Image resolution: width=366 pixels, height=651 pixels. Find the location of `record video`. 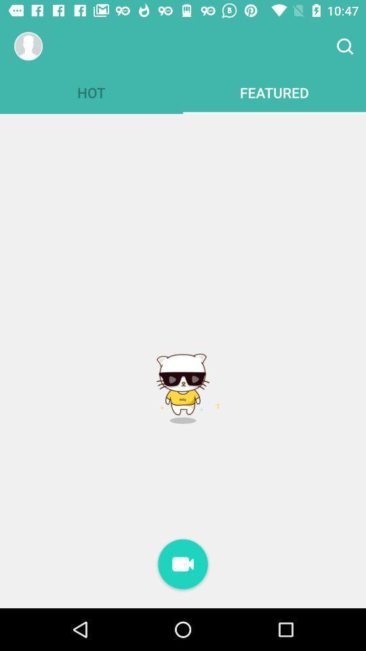

record video is located at coordinates (183, 565).